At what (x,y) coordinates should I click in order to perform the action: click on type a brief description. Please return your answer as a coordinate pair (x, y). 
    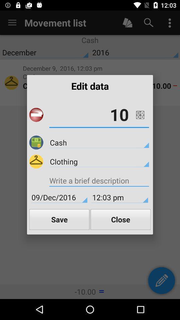
    Looking at the image, I should click on (99, 181).